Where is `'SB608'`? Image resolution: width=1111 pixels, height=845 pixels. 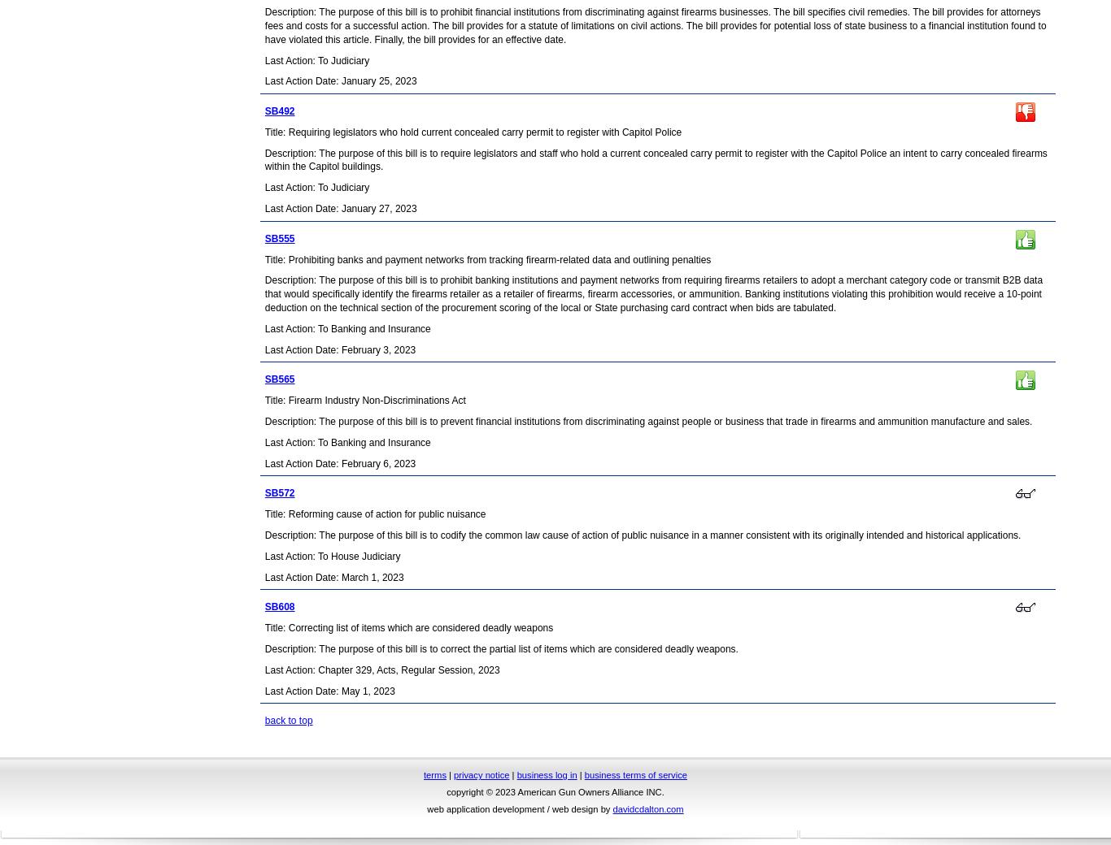 'SB608' is located at coordinates (278, 607).